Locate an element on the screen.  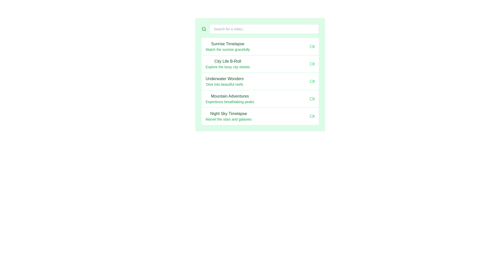
the text label displaying 'Watch the sunrise gracefully', which is a small-sized, green-colored font located below 'Sunrise Timelapse' in the video card list is located at coordinates (227, 50).